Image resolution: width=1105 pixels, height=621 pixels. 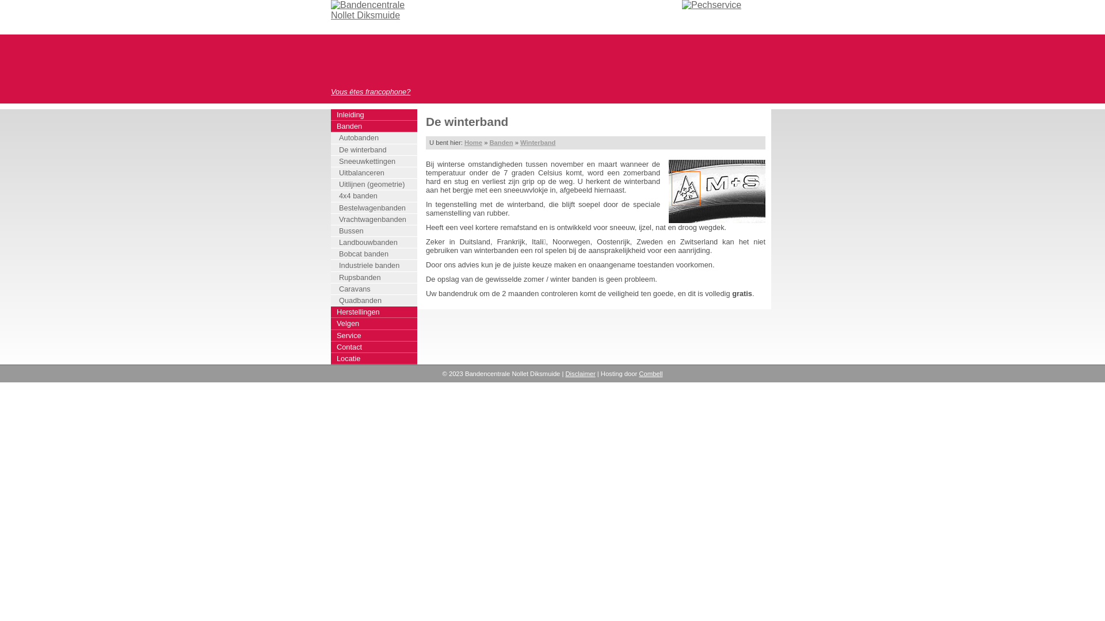 What do you see at coordinates (375, 277) in the screenshot?
I see `'Rupsbanden'` at bounding box center [375, 277].